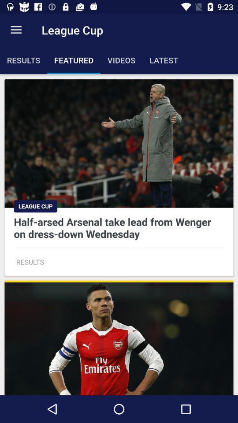 This screenshot has height=423, width=238. I want to click on the videos, so click(121, 59).